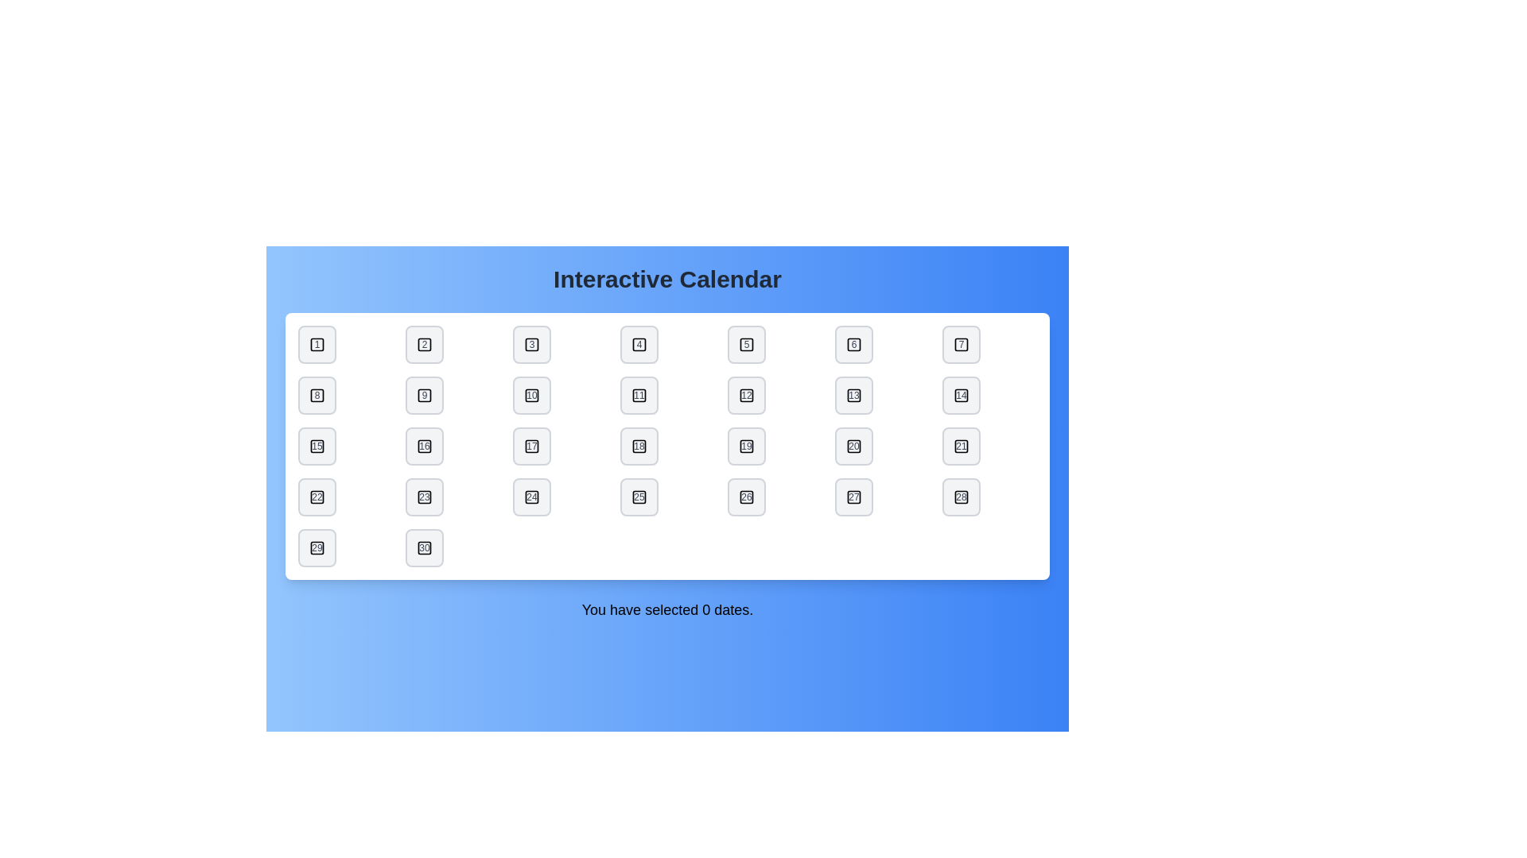  What do you see at coordinates (317, 547) in the screenshot?
I see `the date button labeled 29 to toggle its selection state` at bounding box center [317, 547].